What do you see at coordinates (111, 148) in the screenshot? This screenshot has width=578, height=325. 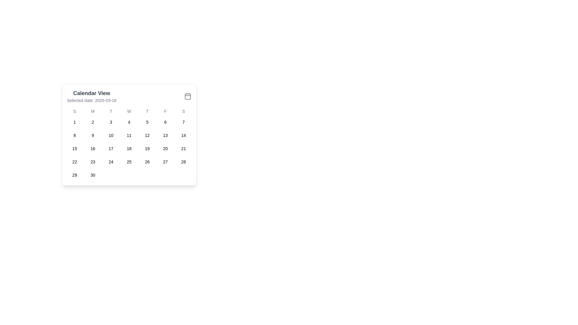 I see `the Calendar Day Button displaying the number '17' in the fourth row and third column of the calendar grid` at bounding box center [111, 148].